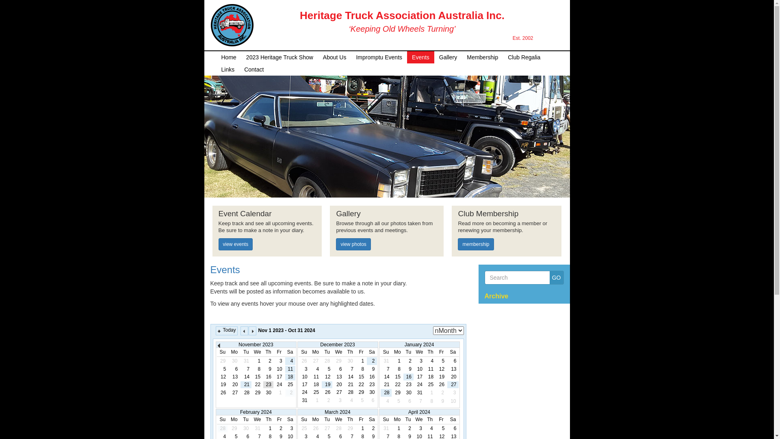 The image size is (780, 439). Describe the element at coordinates (357, 377) in the screenshot. I see `'15'` at that location.